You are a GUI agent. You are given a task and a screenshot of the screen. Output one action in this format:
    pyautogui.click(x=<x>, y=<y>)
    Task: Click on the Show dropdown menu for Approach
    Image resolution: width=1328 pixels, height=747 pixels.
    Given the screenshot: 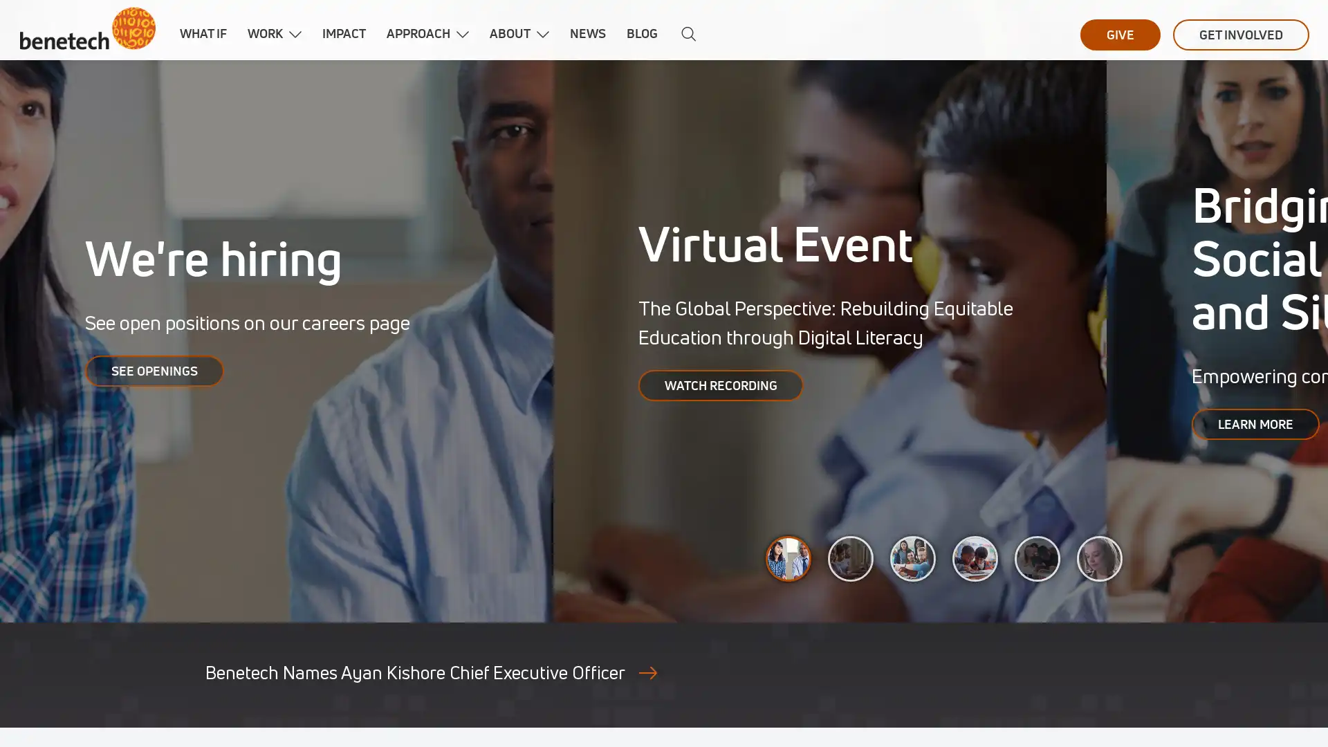 What is the action you would take?
    pyautogui.click(x=462, y=34)
    